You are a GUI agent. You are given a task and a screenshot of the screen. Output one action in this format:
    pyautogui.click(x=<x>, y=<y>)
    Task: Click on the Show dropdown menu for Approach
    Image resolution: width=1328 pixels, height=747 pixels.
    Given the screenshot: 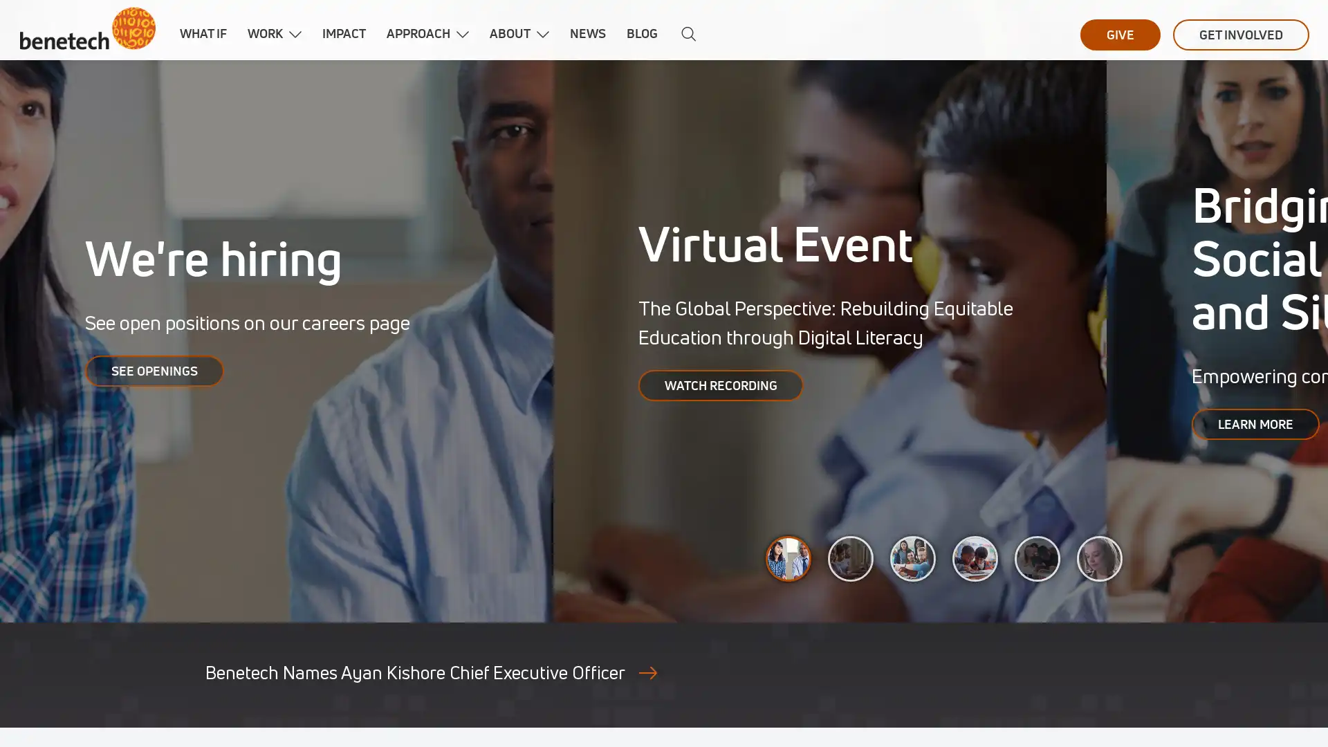 What is the action you would take?
    pyautogui.click(x=462, y=34)
    